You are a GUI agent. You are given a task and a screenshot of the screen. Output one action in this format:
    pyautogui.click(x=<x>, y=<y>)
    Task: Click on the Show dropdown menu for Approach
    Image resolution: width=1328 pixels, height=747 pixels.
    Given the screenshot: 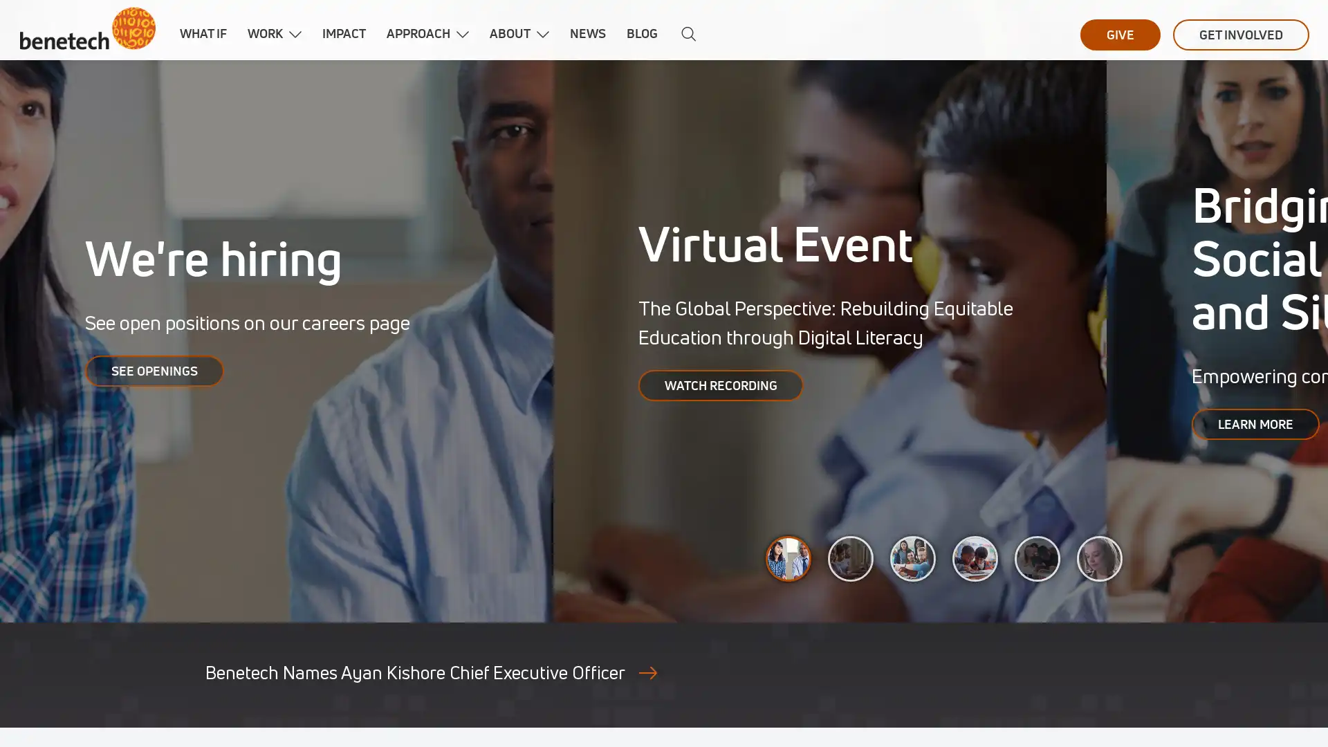 What is the action you would take?
    pyautogui.click(x=462, y=34)
    